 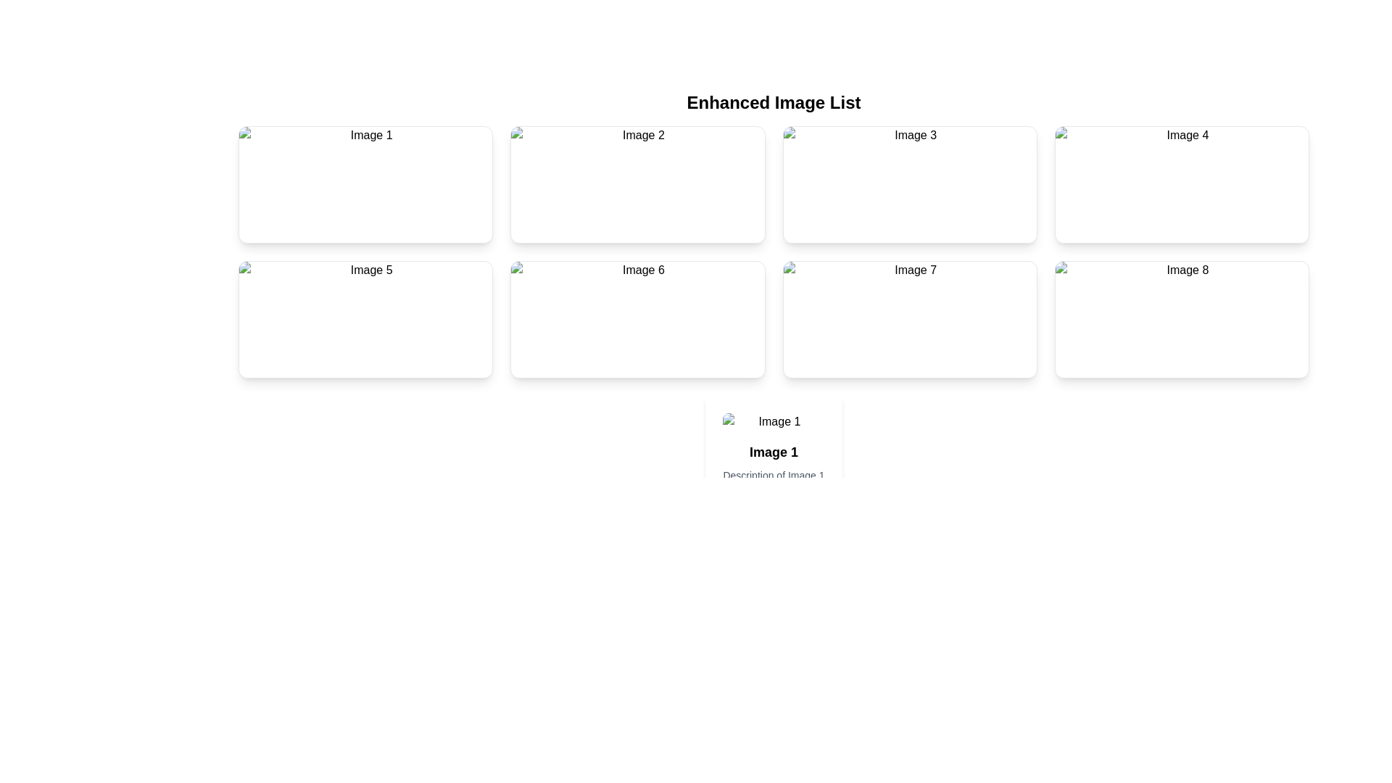 I want to click on the button located at the center of the first card in the top row of the grid layout, directly below the title 'Image 1', so click(x=365, y=183).